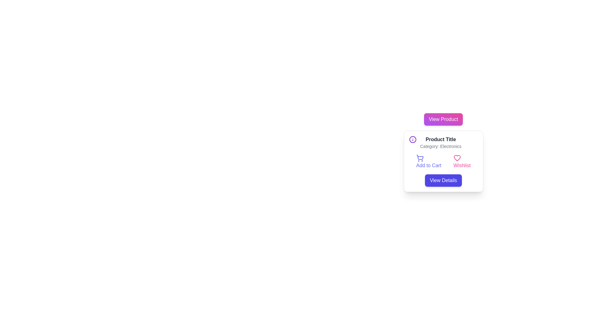 The height and width of the screenshot is (335, 596). What do you see at coordinates (443, 181) in the screenshot?
I see `the button located at the bottom of the product card, which provides access to more detailed information about the product` at bounding box center [443, 181].